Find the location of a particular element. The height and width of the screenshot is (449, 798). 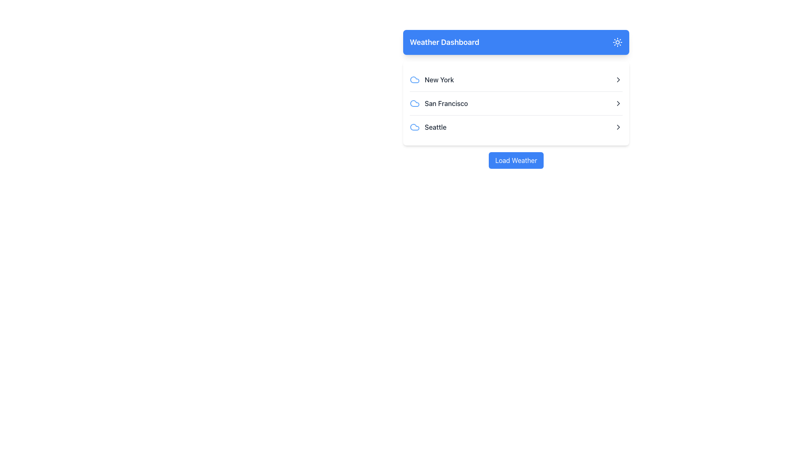

the second item 'San Francisco' in the list, which contains a blue cloud icon on the left and a gray chevron icon on the right is located at coordinates (516, 103).